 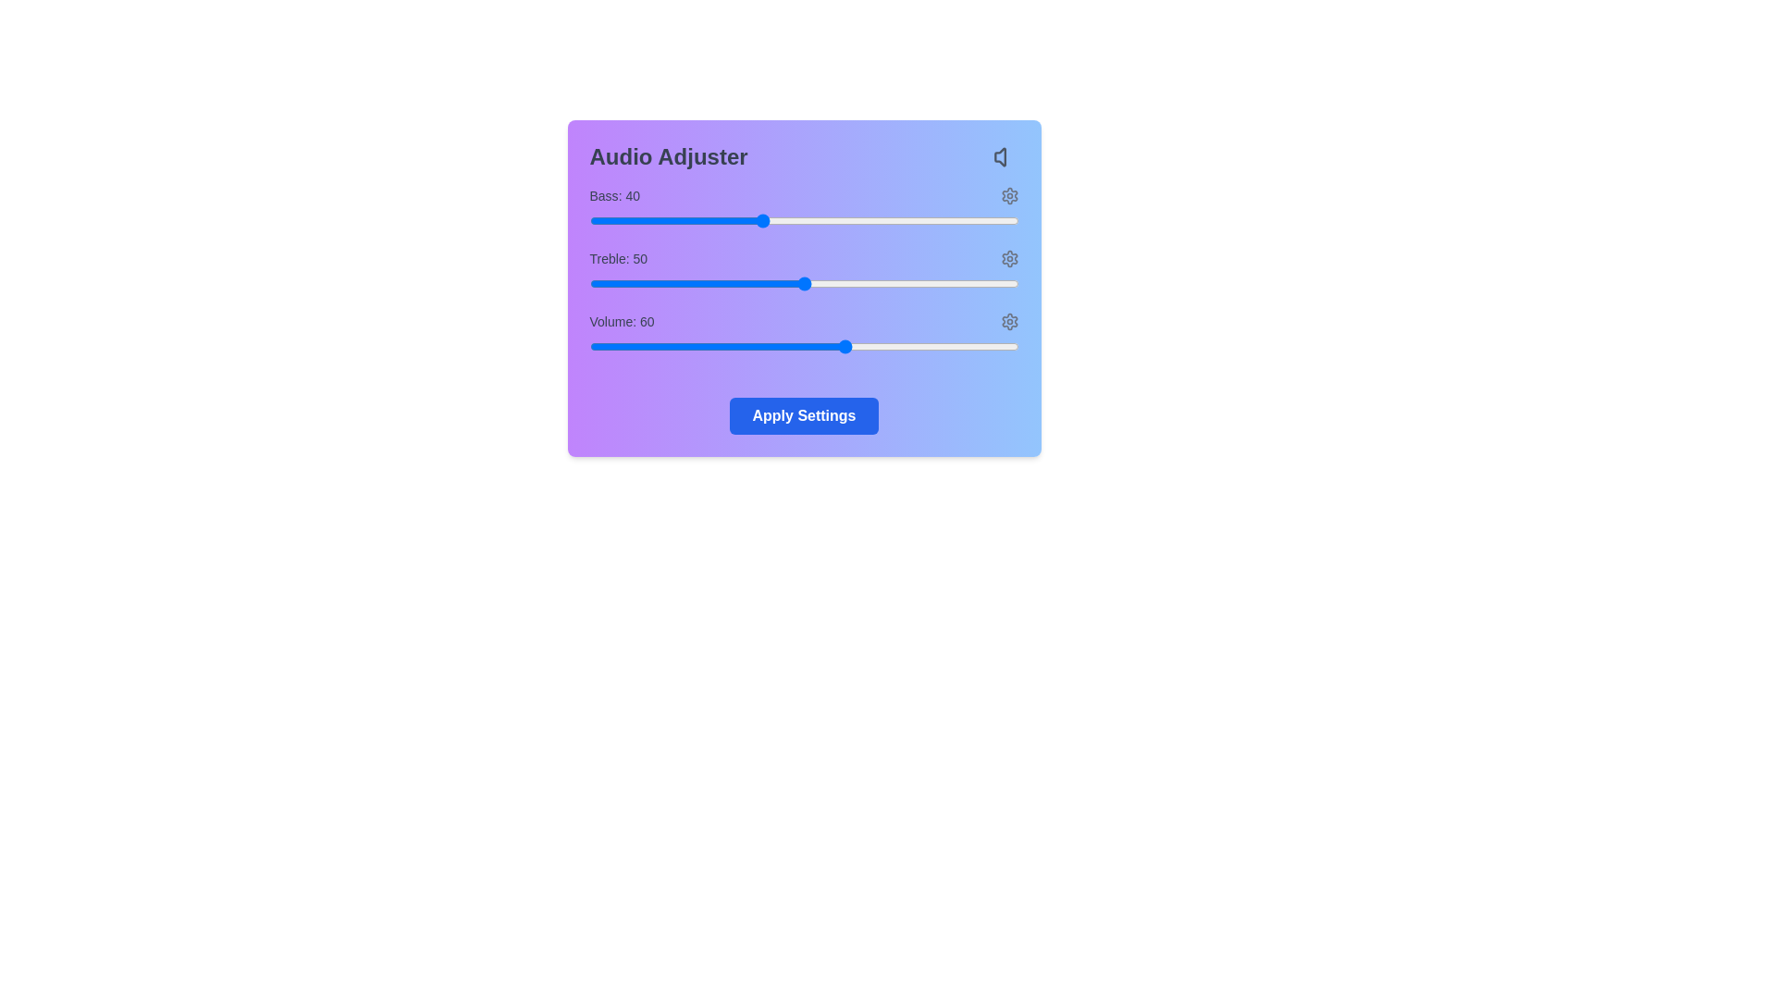 What do you see at coordinates (654, 346) in the screenshot?
I see `the volume` at bounding box center [654, 346].